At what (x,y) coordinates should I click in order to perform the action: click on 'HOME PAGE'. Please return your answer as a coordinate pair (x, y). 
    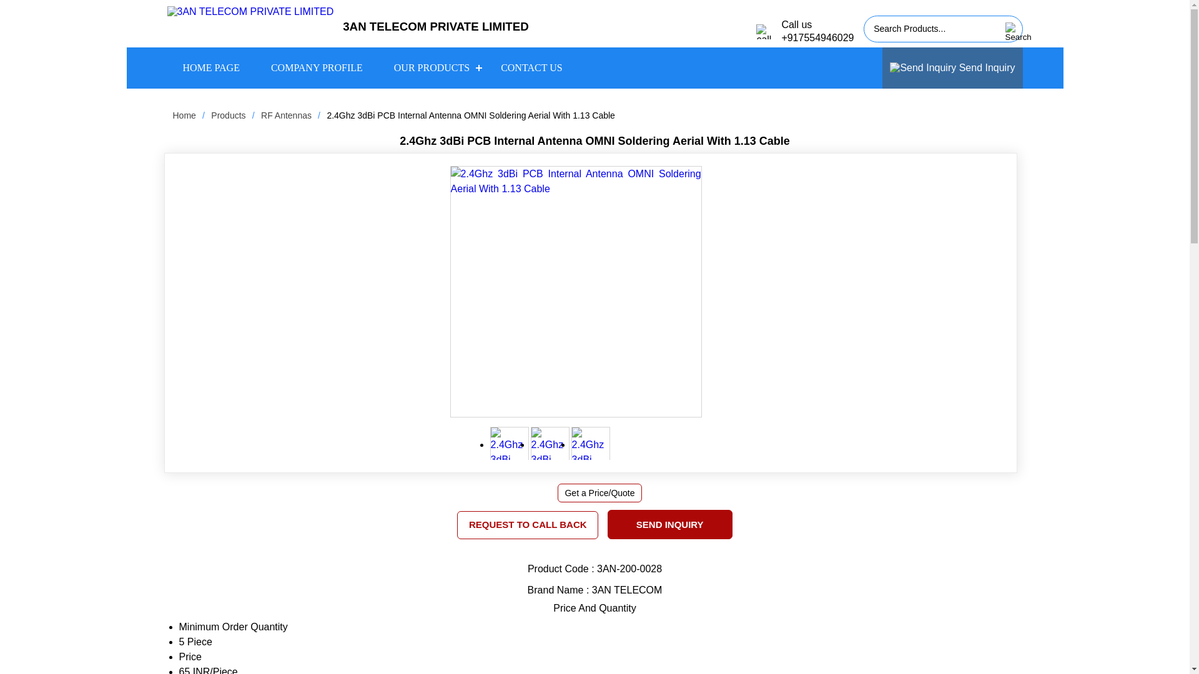
    Looking at the image, I should click on (211, 67).